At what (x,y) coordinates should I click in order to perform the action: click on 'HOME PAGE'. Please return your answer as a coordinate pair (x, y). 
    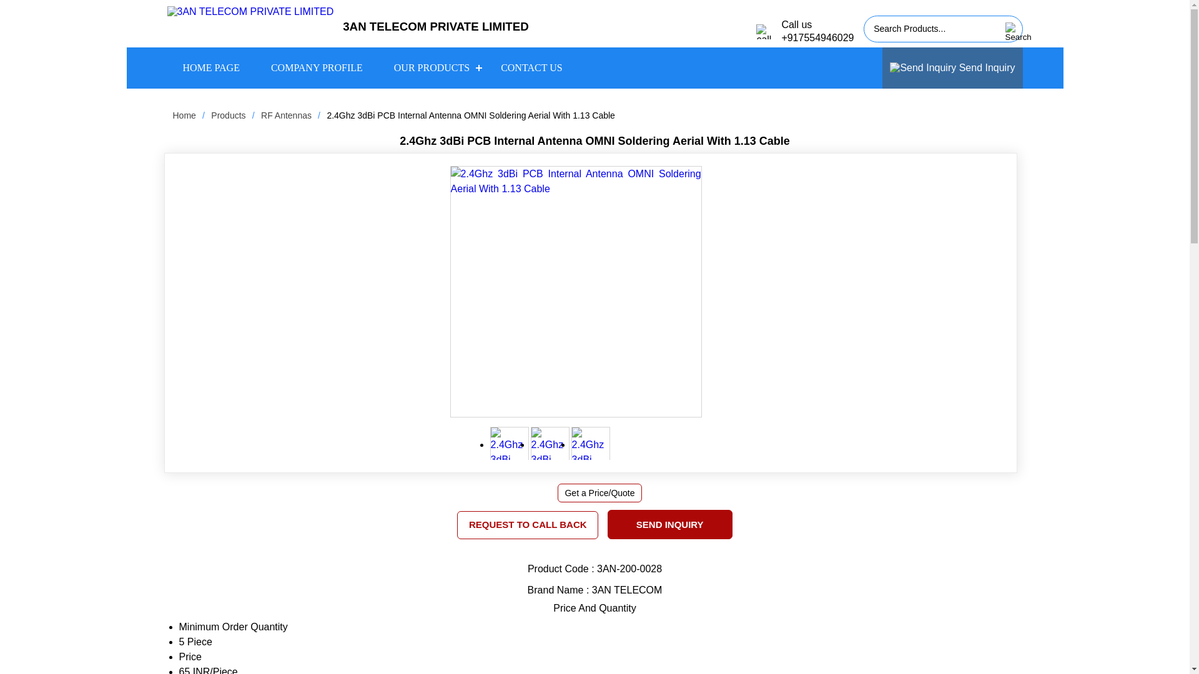
    Looking at the image, I should click on (211, 67).